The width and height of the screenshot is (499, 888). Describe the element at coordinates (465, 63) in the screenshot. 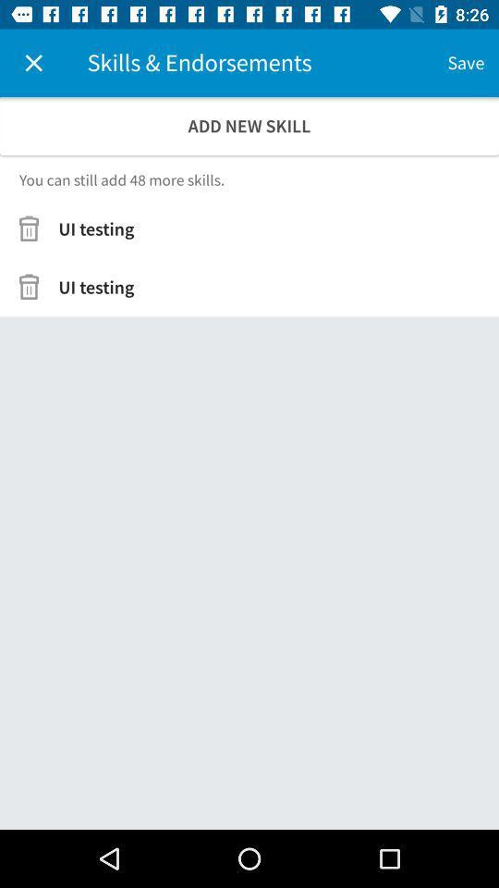

I see `the icon at the top right corner` at that location.